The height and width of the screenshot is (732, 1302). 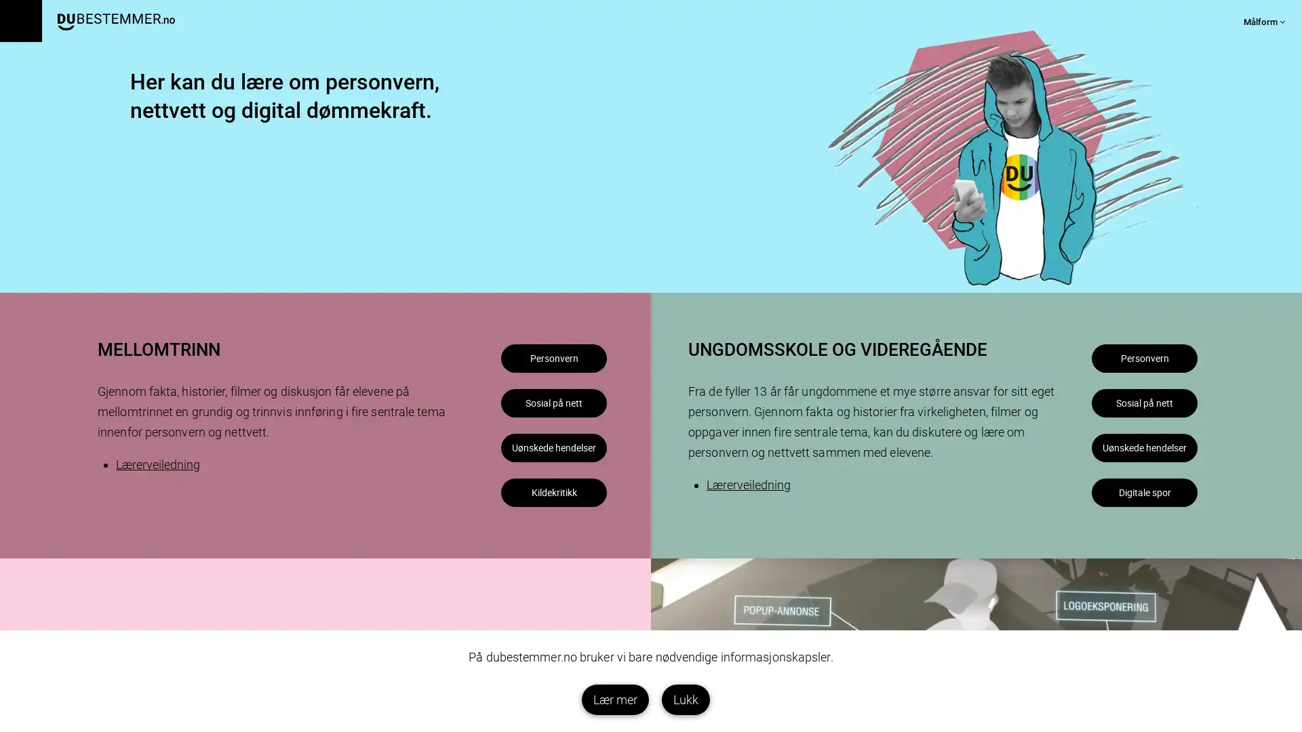 What do you see at coordinates (686, 699) in the screenshot?
I see `Lukk` at bounding box center [686, 699].